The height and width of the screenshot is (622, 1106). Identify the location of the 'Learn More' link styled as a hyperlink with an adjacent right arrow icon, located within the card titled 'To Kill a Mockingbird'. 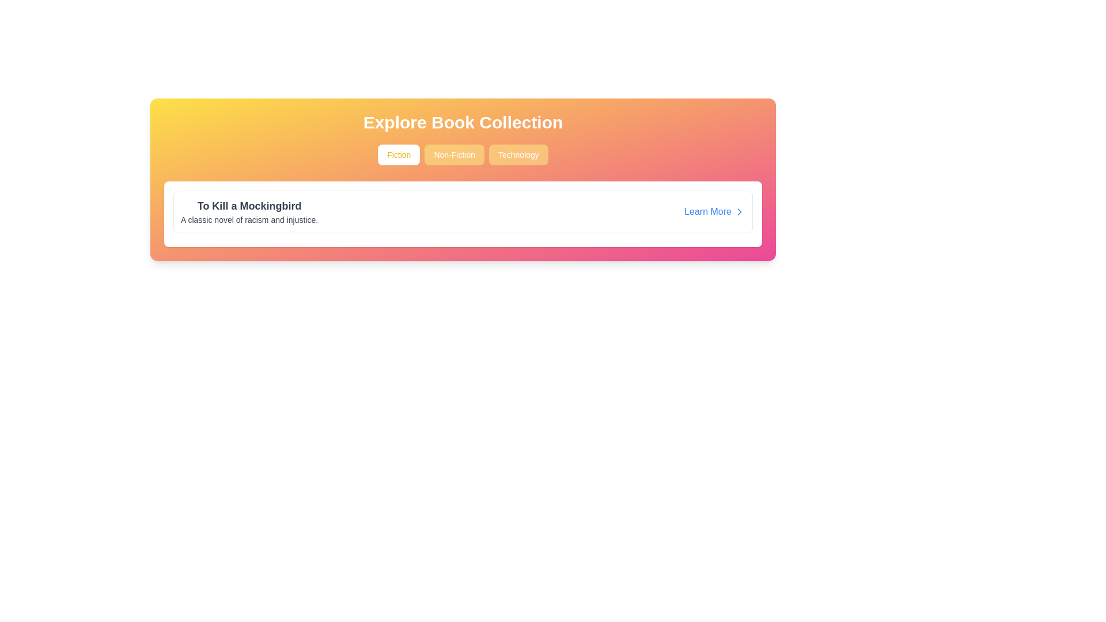
(714, 211).